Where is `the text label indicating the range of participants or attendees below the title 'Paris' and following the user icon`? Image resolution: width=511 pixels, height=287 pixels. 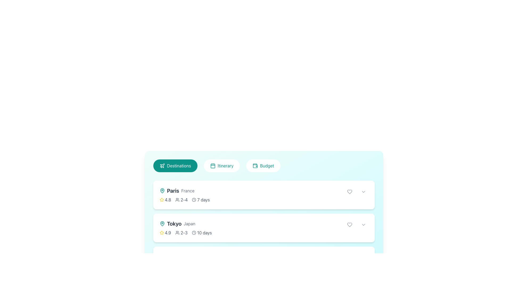
the text label indicating the range of participants or attendees below the title 'Paris' and following the user icon is located at coordinates (184, 200).